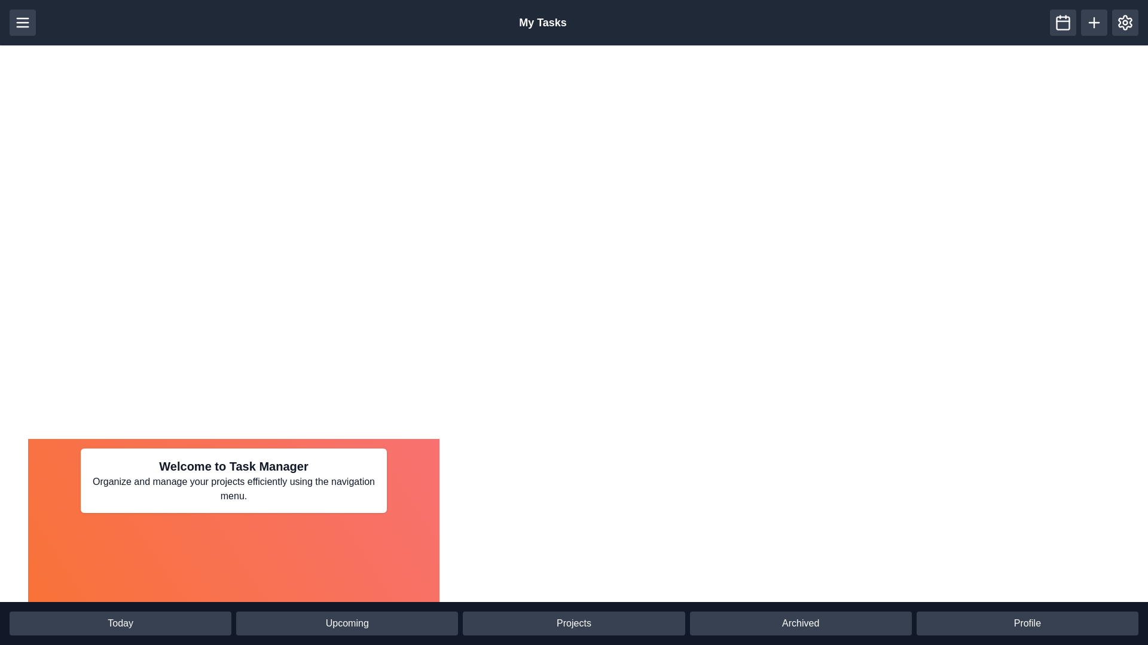  What do you see at coordinates (574, 623) in the screenshot?
I see `the Projects button in the bottom navigation bar to navigate to the corresponding section` at bounding box center [574, 623].